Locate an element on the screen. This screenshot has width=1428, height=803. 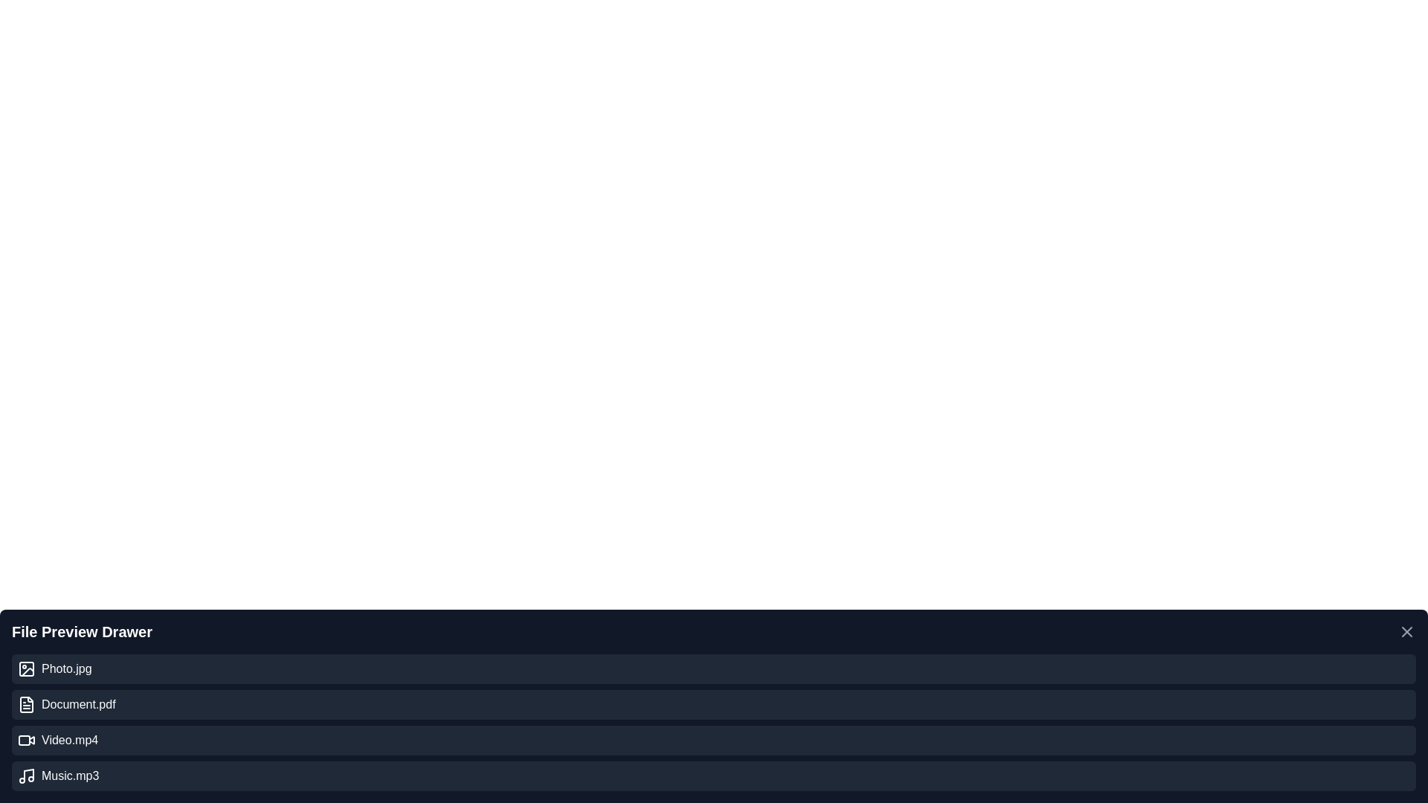
the musical note icon that represents the 'Music.mp3' file in the list located in the fourth row from the top is located at coordinates (26, 775).